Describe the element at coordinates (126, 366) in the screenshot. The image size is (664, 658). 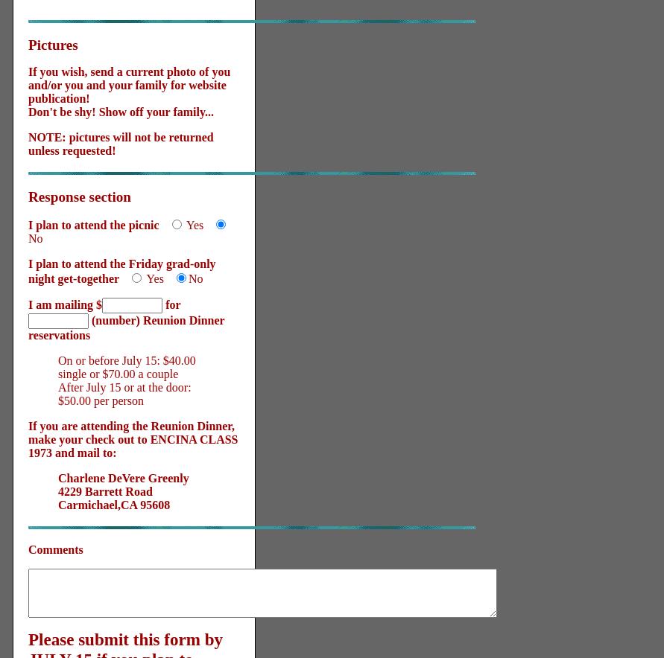
I see `'On or before July 15: $40.00 single or $70.00 a couple'` at that location.